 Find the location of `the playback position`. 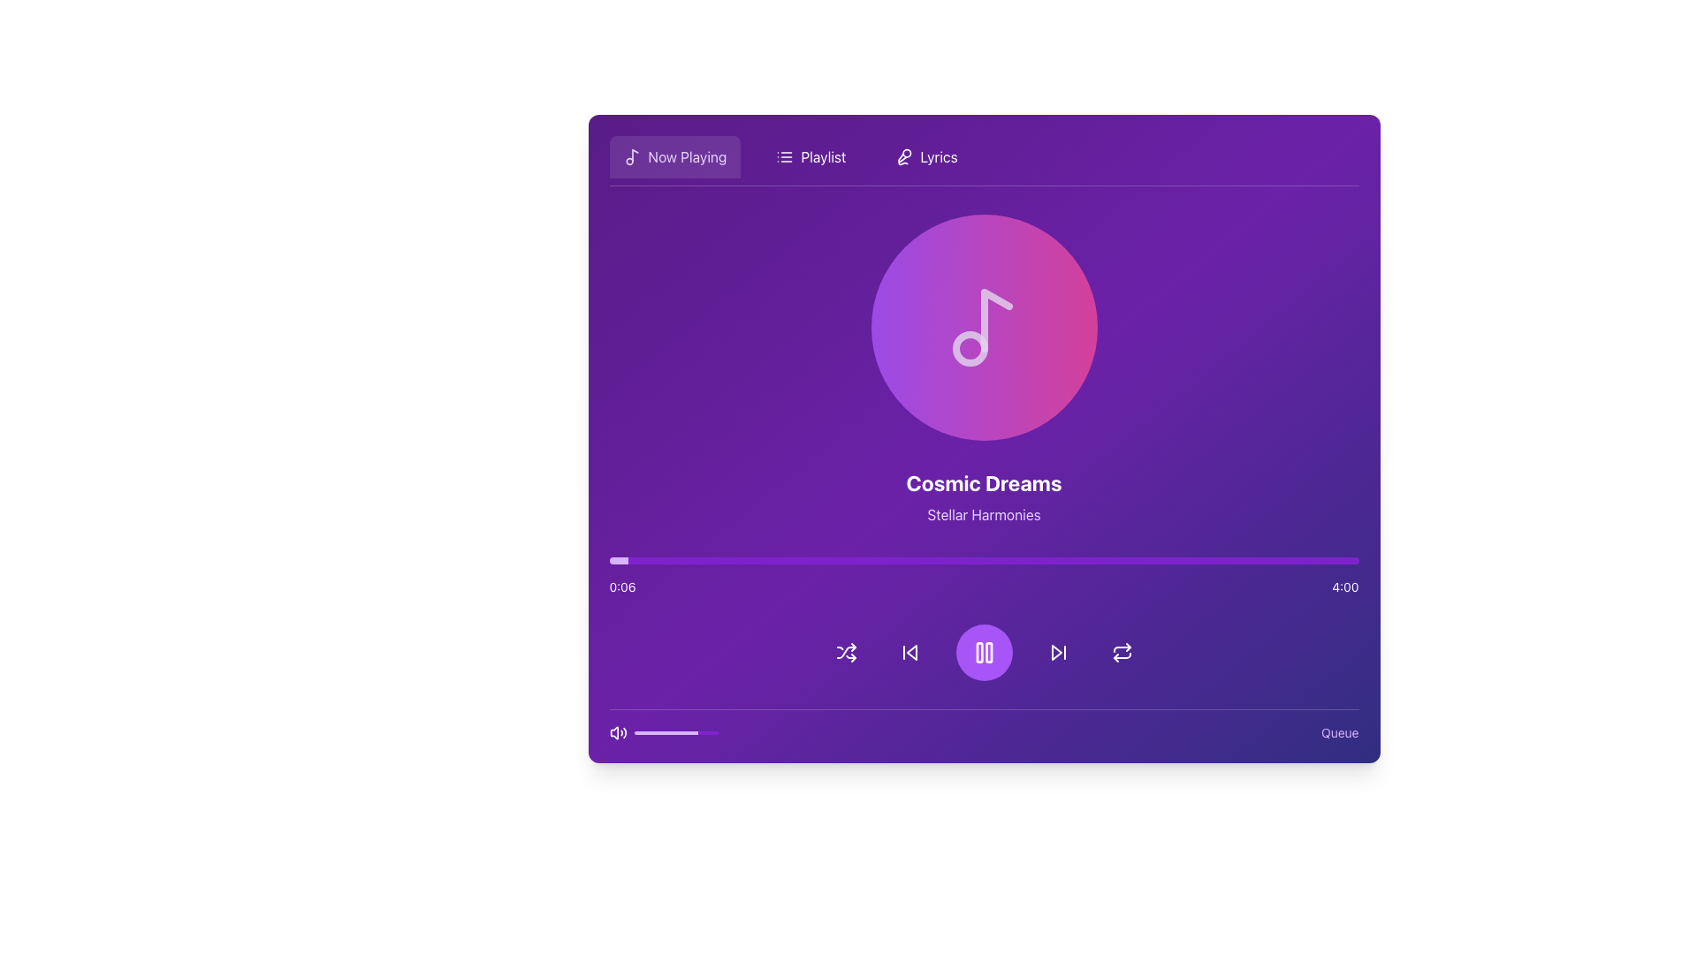

the playback position is located at coordinates (1299, 561).